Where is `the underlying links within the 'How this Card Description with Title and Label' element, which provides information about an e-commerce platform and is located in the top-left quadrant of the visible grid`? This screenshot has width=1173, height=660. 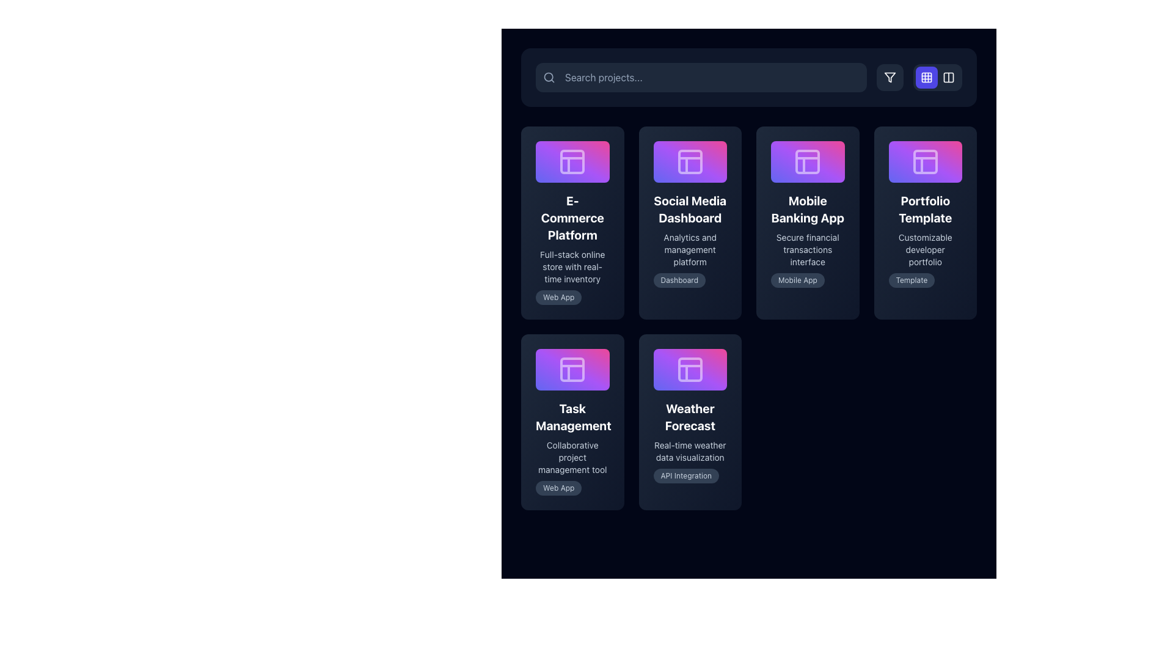 the underlying links within the 'How this Card Description with Title and Label' element, which provides information about an e-commerce platform and is located in the top-left quadrant of the visible grid is located at coordinates (572, 248).